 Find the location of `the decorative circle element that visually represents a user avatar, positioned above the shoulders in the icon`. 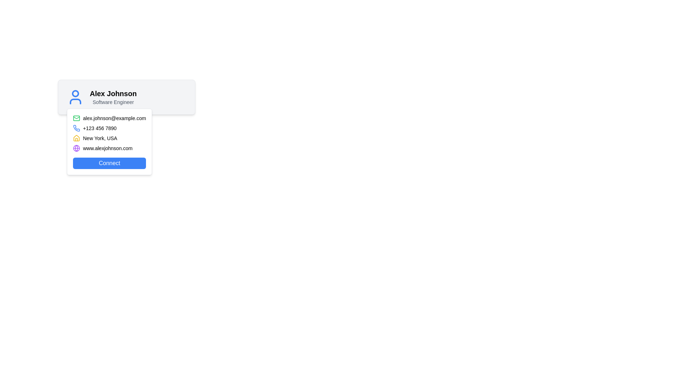

the decorative circle element that visually represents a user avatar, positioned above the shoulders in the icon is located at coordinates (75, 93).